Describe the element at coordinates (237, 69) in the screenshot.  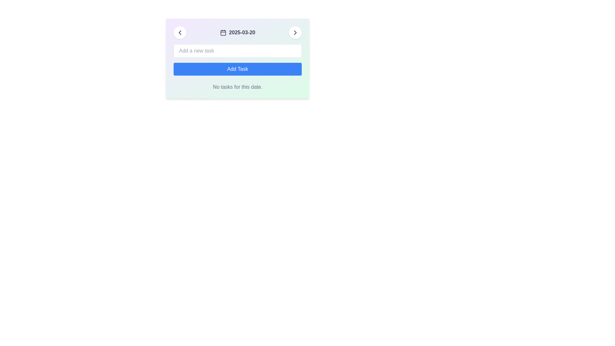
I see `the button located below the 'Add a new task' input field` at that location.